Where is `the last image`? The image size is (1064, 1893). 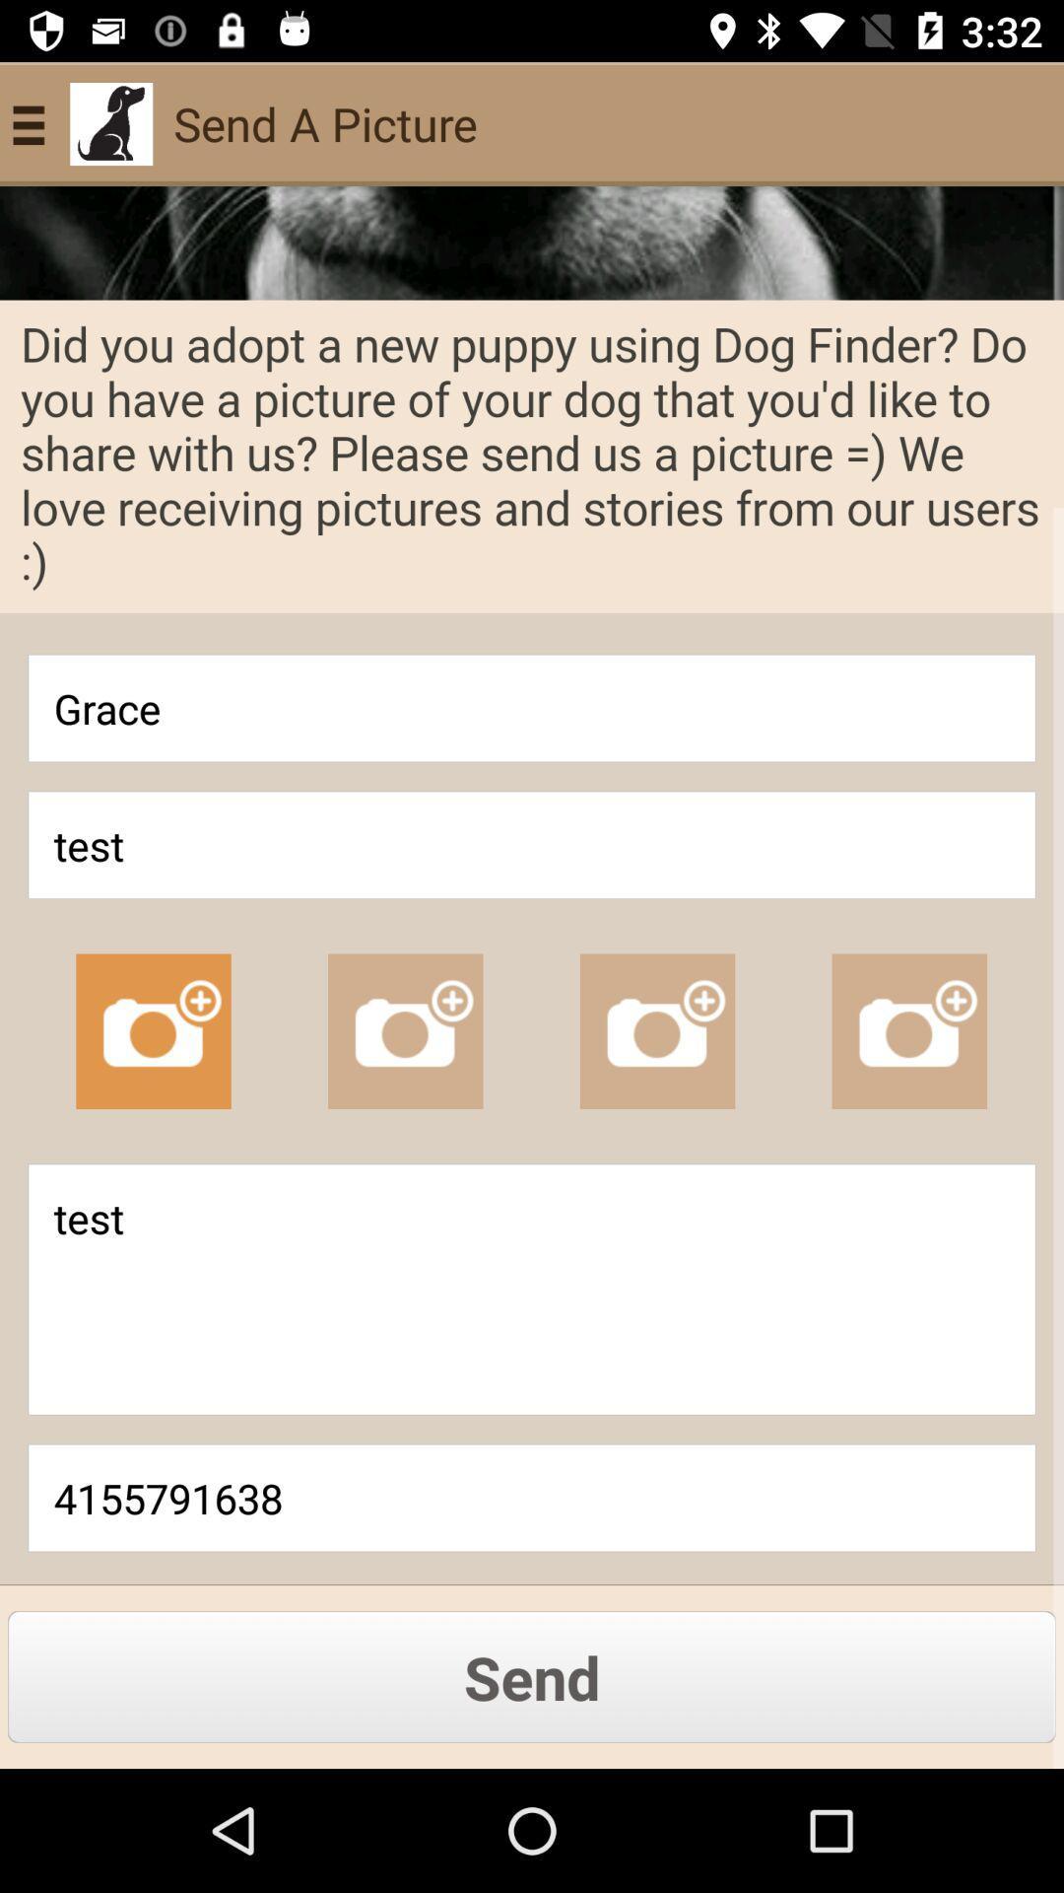
the last image is located at coordinates (909, 1030).